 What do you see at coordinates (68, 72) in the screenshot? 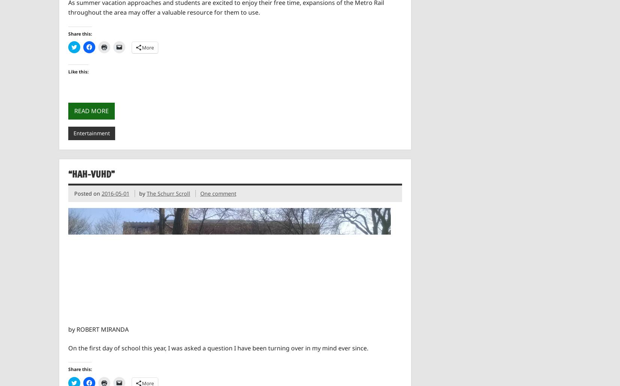
I see `'Like this:'` at bounding box center [68, 72].